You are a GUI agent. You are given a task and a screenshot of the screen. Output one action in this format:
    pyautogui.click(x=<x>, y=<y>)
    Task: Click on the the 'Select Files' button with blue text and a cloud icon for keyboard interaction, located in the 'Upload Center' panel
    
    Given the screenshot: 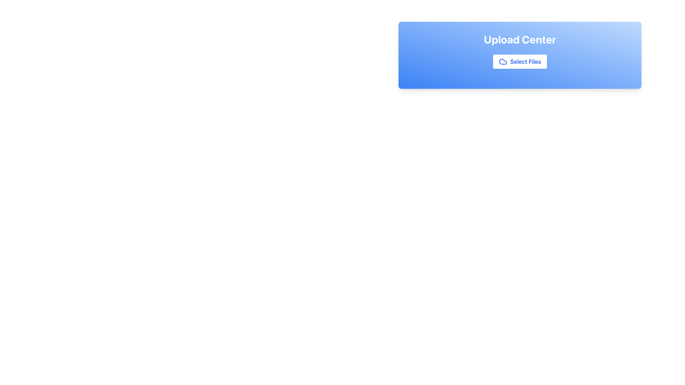 What is the action you would take?
    pyautogui.click(x=520, y=61)
    